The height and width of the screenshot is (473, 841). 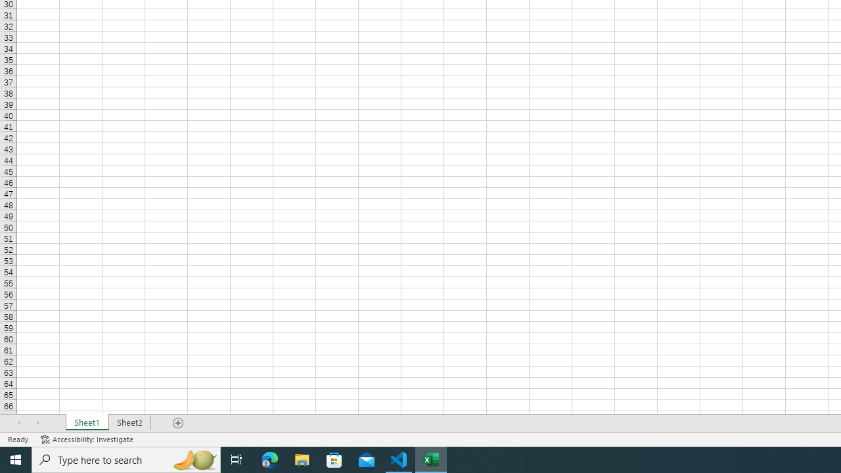 I want to click on 'Accessibility Checker Accessibility: Investigate', so click(x=87, y=439).